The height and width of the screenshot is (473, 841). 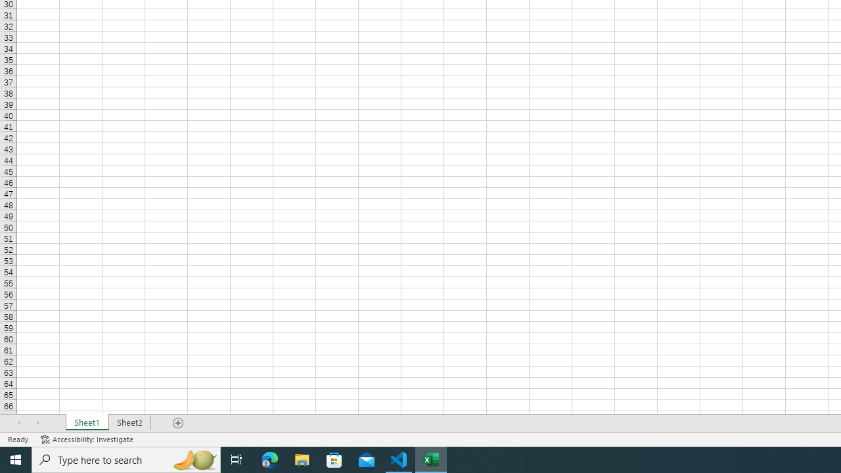 I want to click on 'Accessibility Checker Accessibility: Investigate', so click(x=87, y=439).